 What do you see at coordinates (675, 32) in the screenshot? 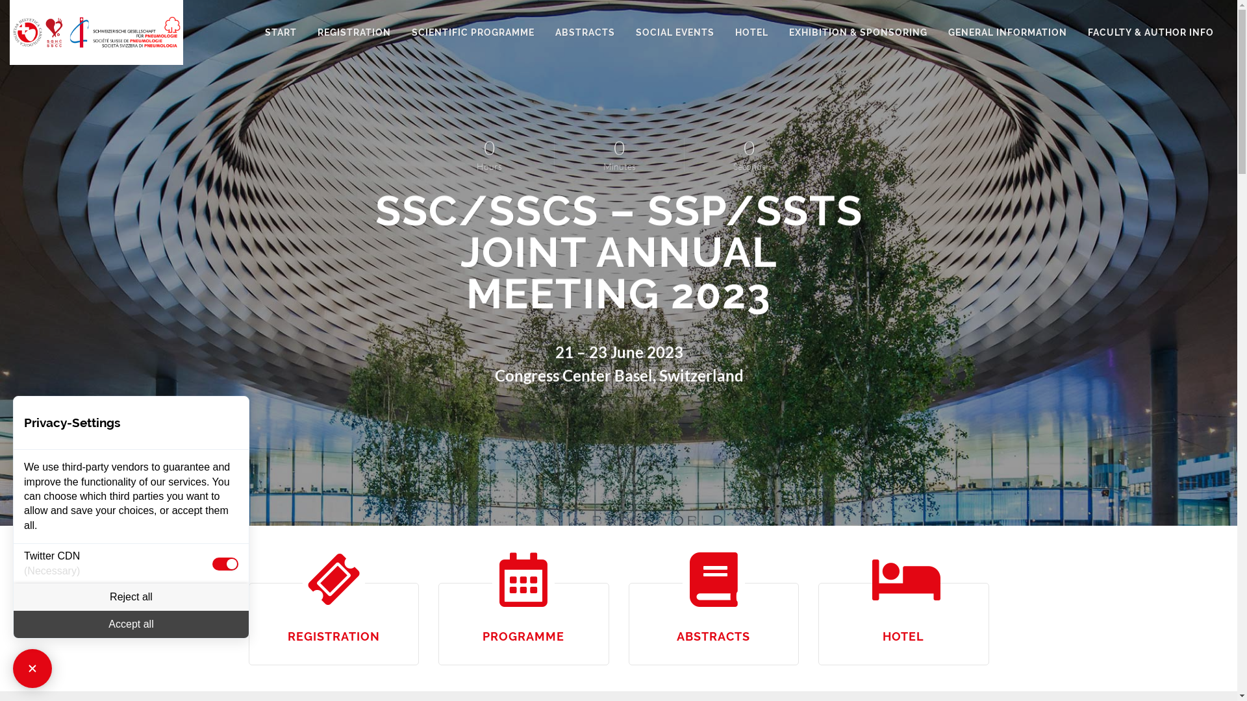
I see `'SOCIAL EVENTS'` at bounding box center [675, 32].